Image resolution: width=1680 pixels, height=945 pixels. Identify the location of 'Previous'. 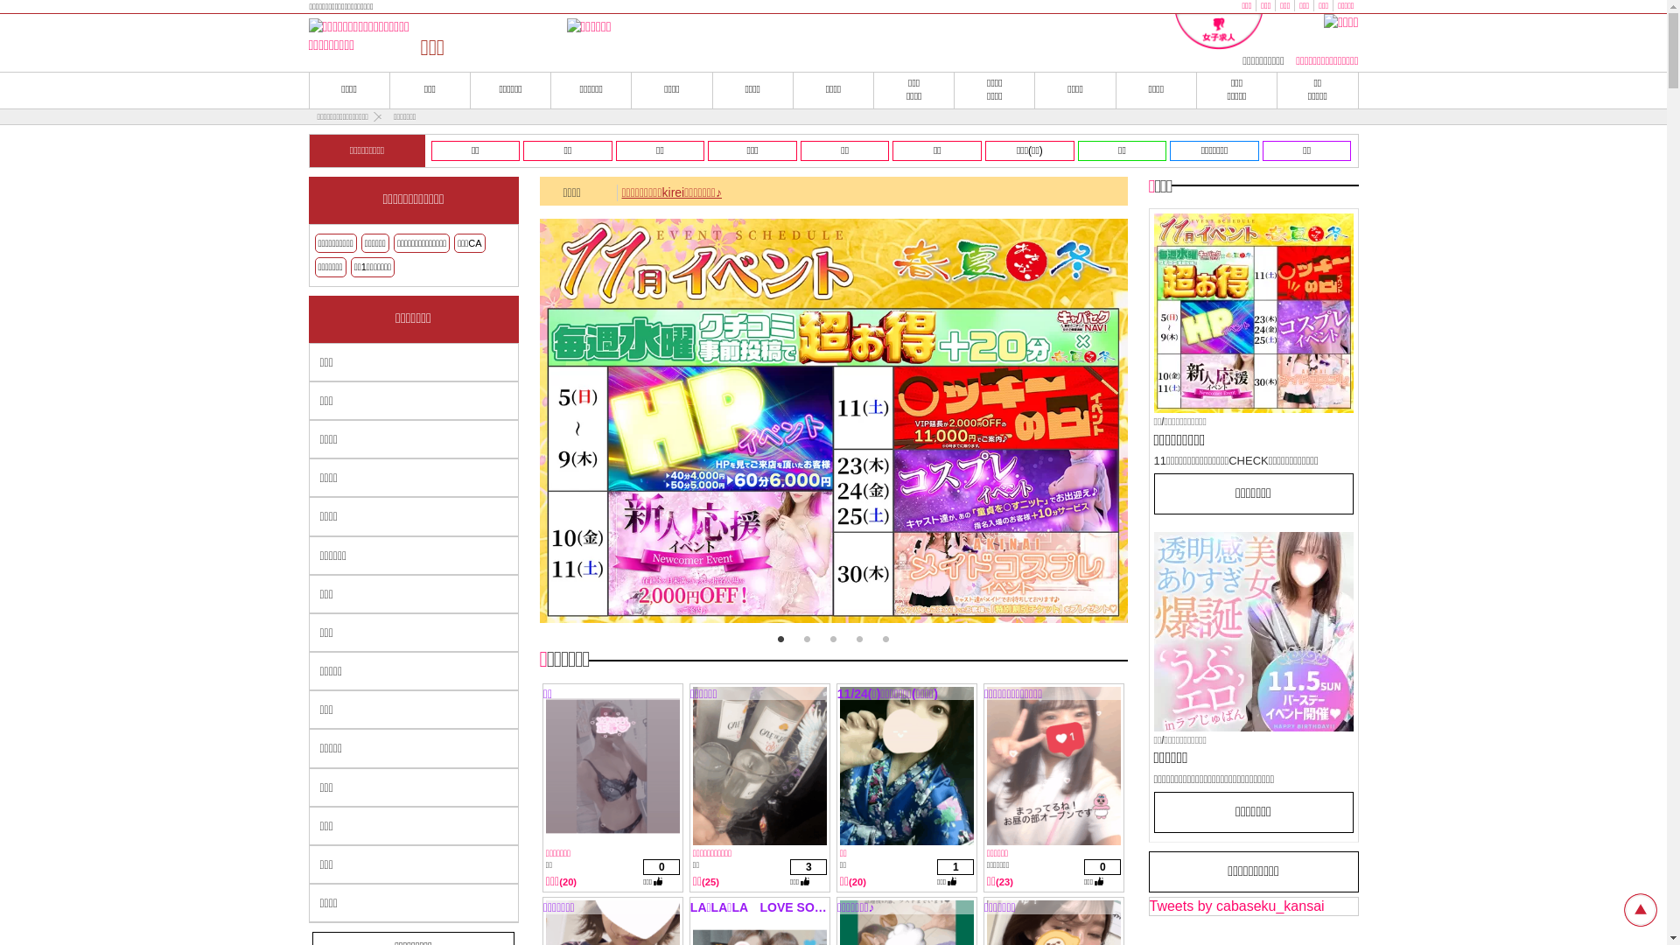
(550, 424).